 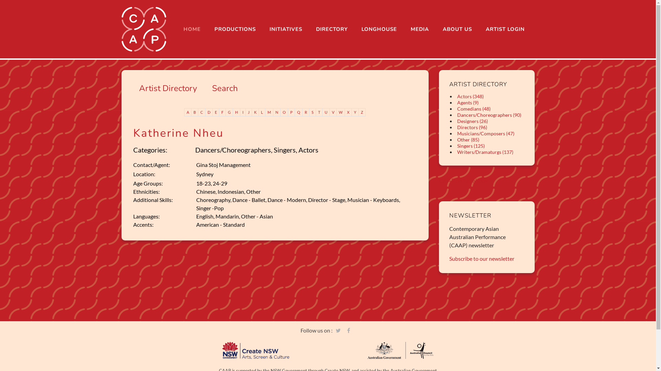 I want to click on 'J', so click(x=249, y=112).